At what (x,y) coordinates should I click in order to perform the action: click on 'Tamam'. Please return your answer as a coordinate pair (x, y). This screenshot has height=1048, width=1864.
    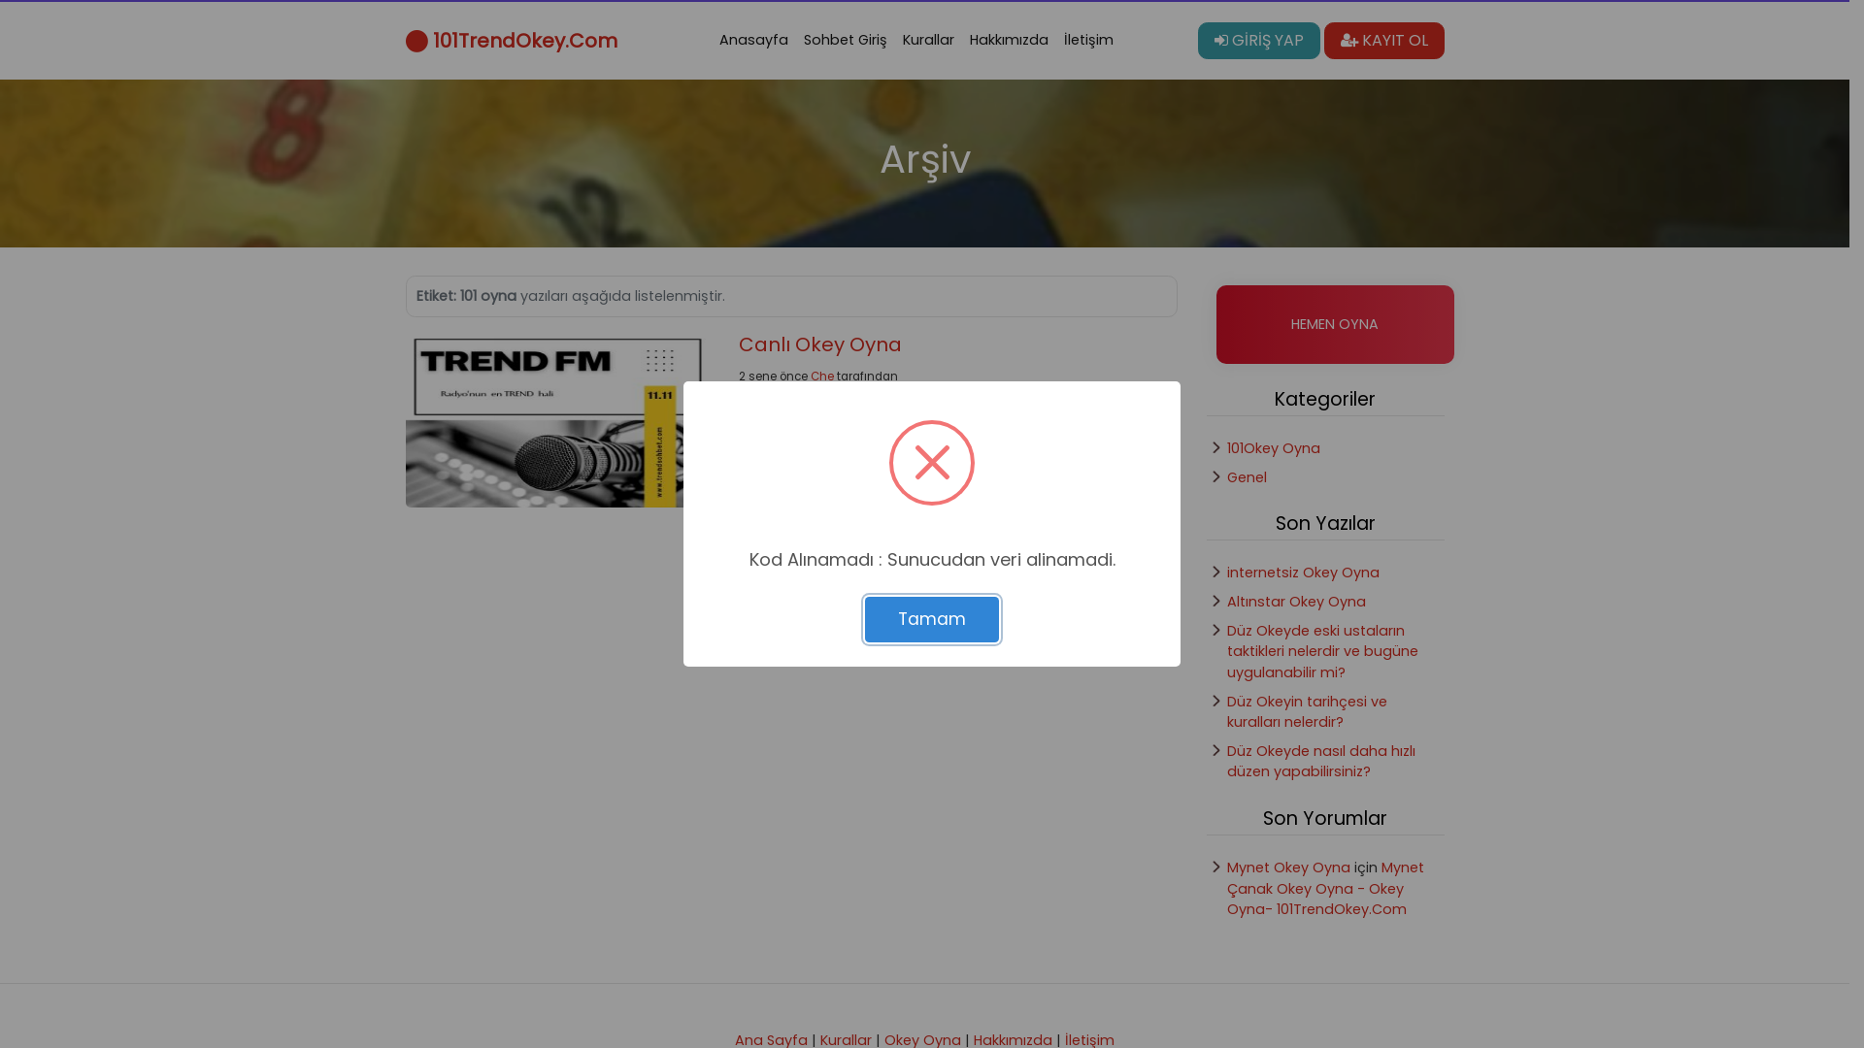
    Looking at the image, I should click on (932, 619).